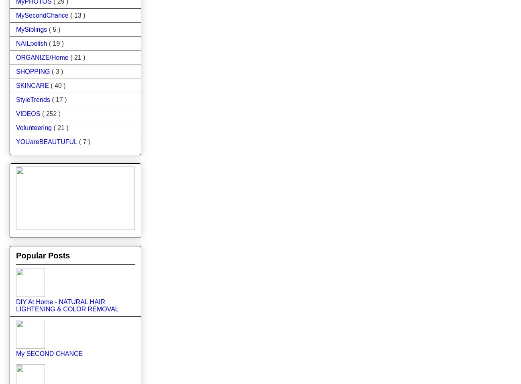 The image size is (521, 384). I want to click on '(
                      252
                      )', so click(41, 113).